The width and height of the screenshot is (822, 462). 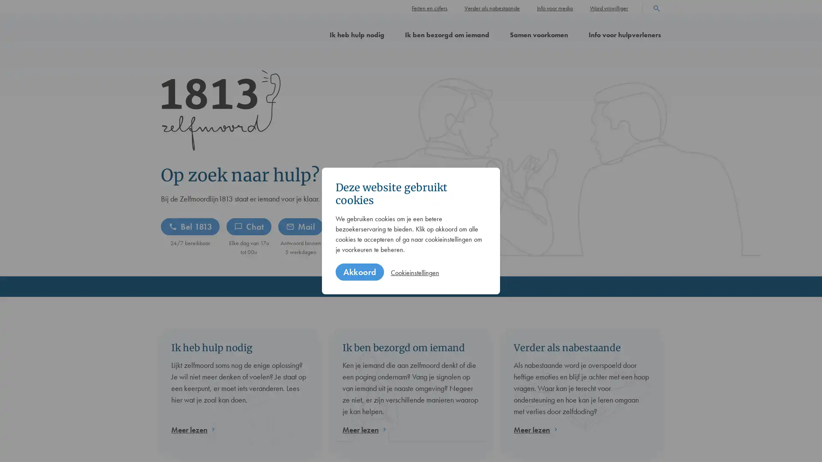 What do you see at coordinates (656, 7) in the screenshot?
I see `Zoeken` at bounding box center [656, 7].